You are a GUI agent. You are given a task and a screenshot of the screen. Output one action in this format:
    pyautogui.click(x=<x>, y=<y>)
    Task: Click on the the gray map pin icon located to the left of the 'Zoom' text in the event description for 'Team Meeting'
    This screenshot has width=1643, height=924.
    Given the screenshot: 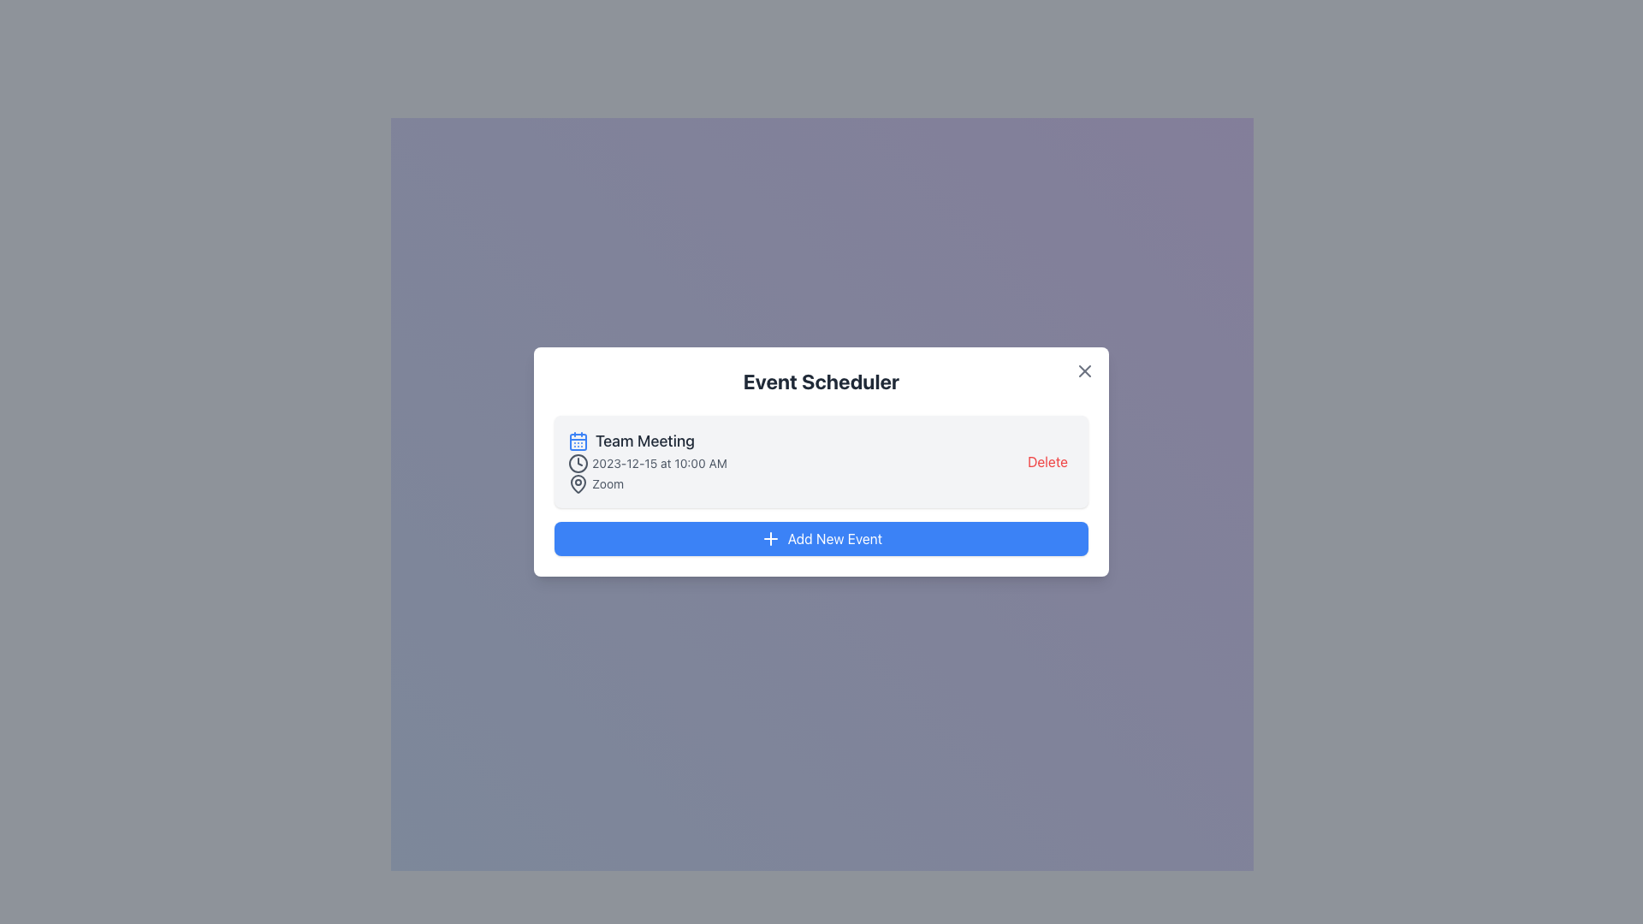 What is the action you would take?
    pyautogui.click(x=578, y=484)
    